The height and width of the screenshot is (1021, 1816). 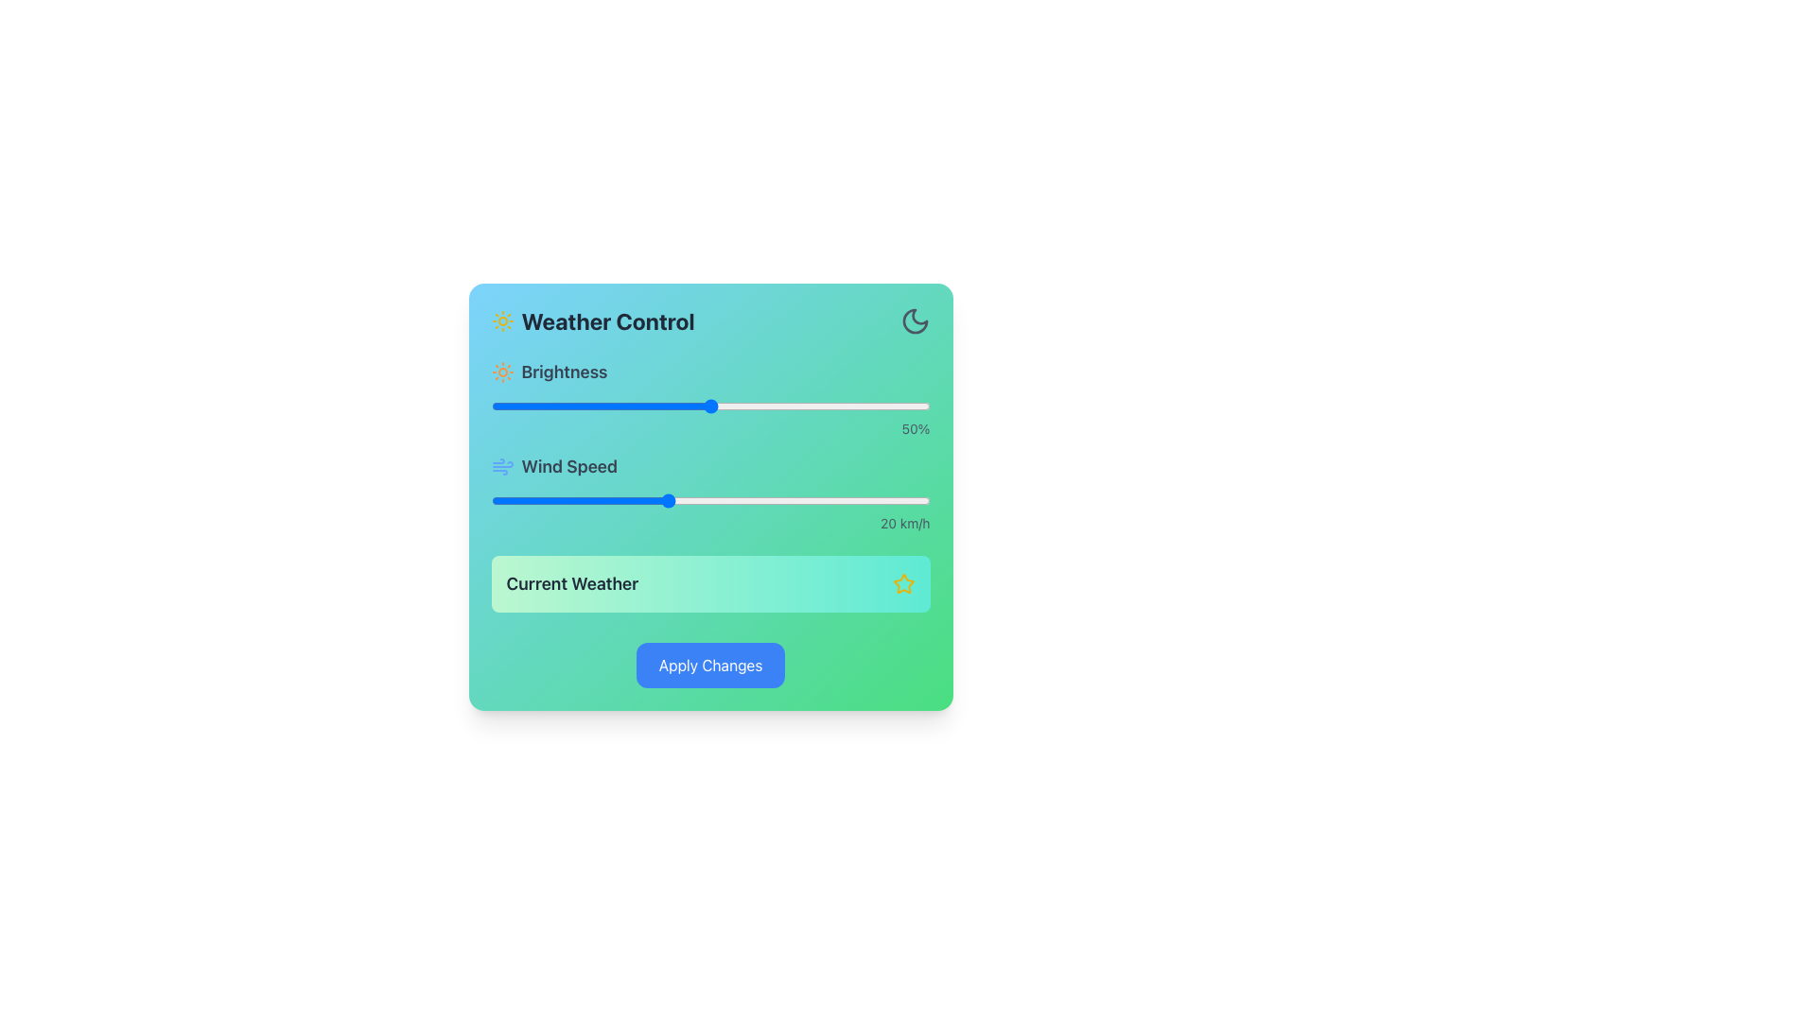 What do you see at coordinates (902, 582) in the screenshot?
I see `the star icon located at the bottom right corner of the 'Current Weather' input box in the 'Weather Control' interface to interact with it` at bounding box center [902, 582].